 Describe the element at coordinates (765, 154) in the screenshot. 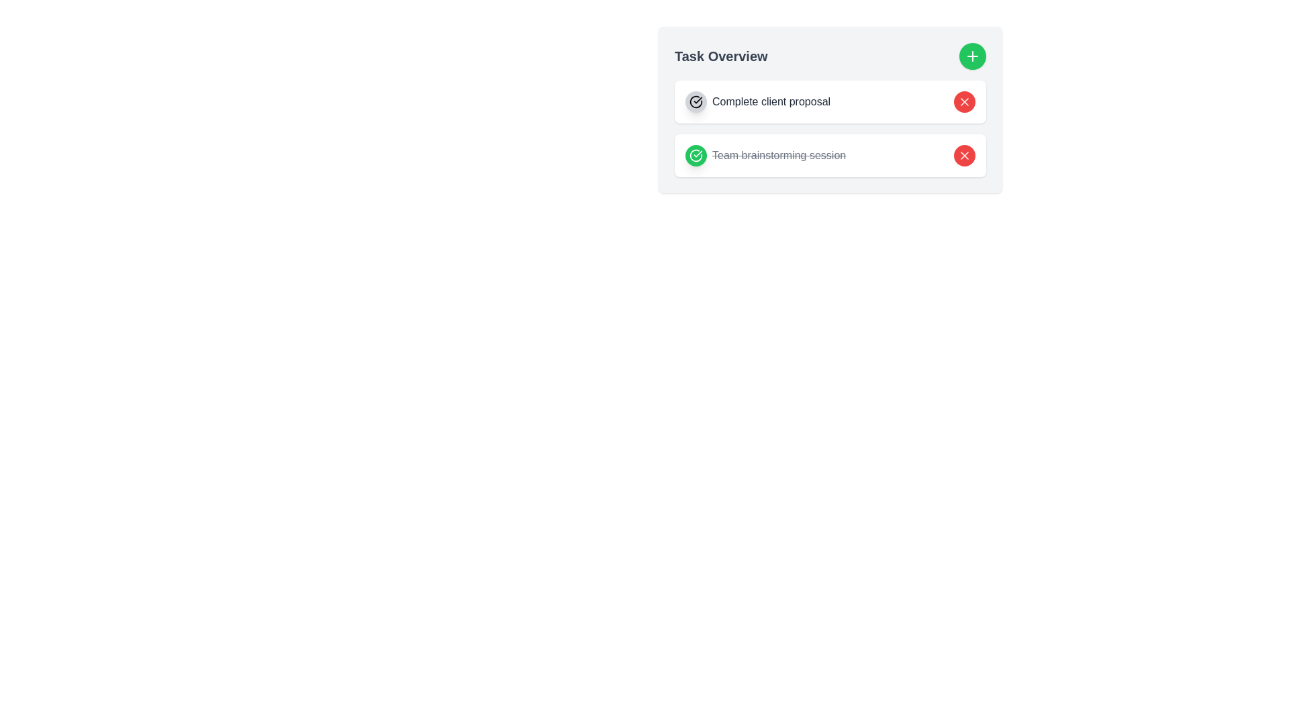

I see `the list item displaying the task 'Team brainstorming session' which is marked as completed` at that location.